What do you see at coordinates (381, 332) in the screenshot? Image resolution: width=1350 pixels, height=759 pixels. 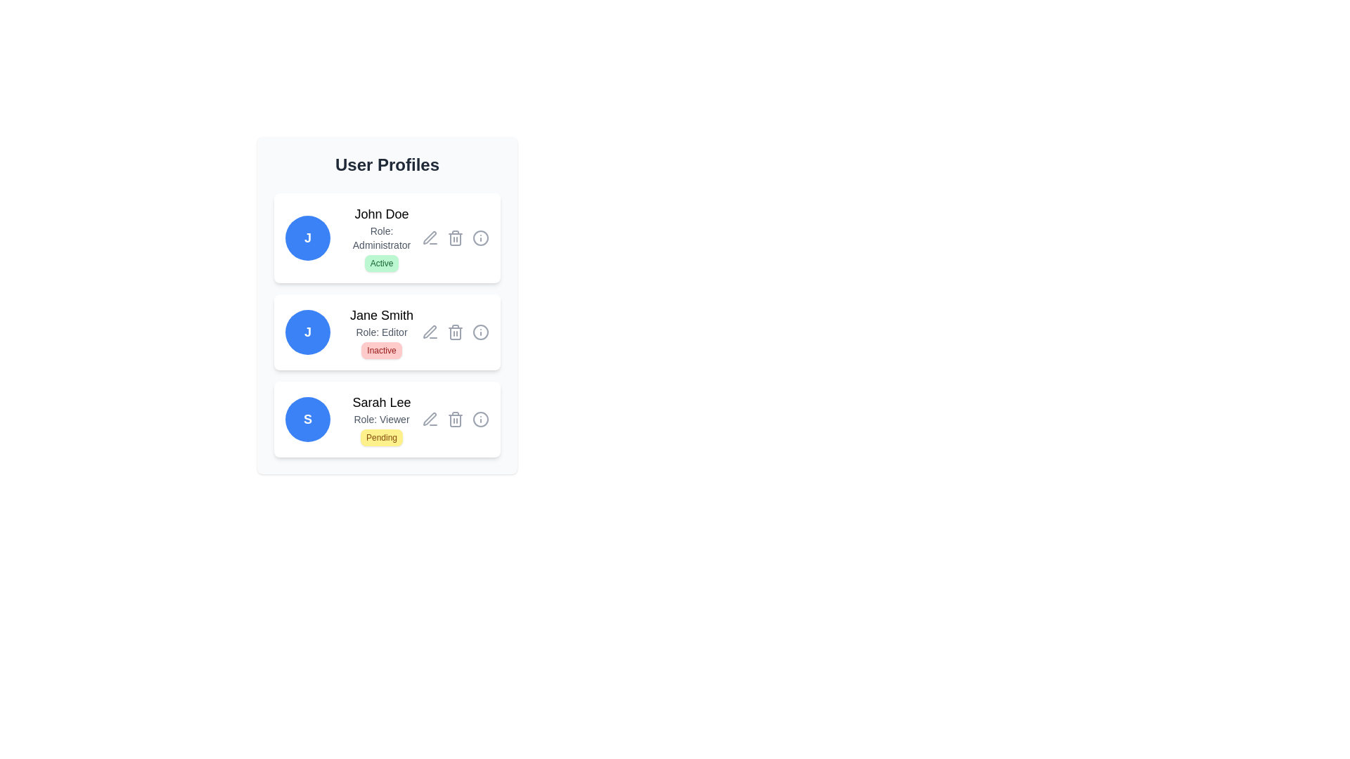 I see `the label indicating the role of the user 'Editor' located beneath 'Jane Smith' and above the 'Inactive' badge in the User Profiles section` at bounding box center [381, 332].